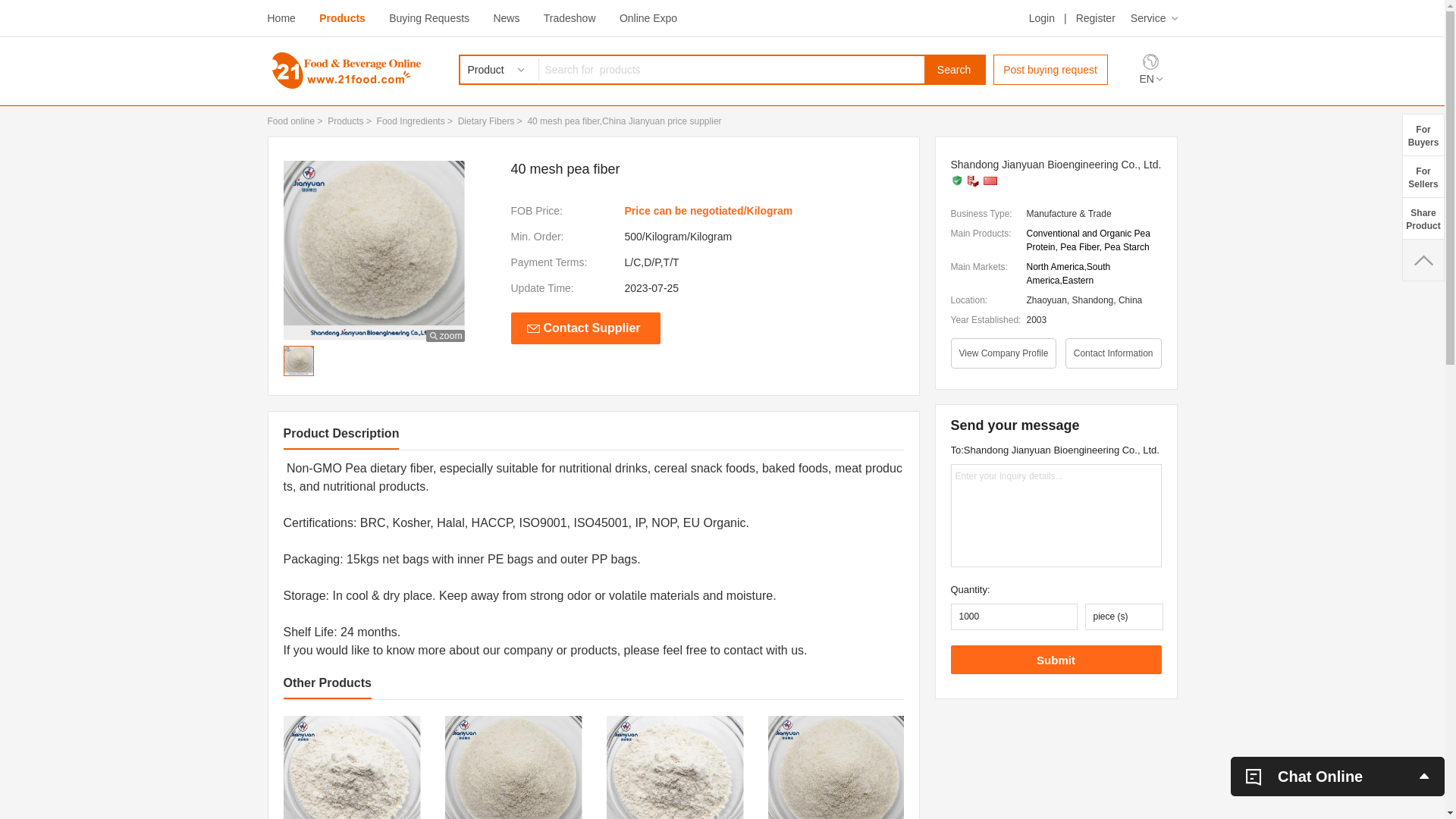  Describe the element at coordinates (952, 70) in the screenshot. I see `'Search'` at that location.